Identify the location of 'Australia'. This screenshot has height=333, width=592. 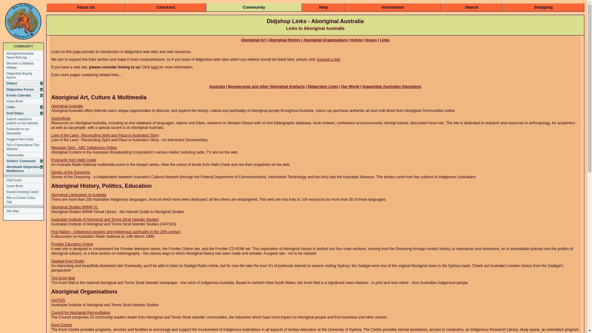
(217, 87).